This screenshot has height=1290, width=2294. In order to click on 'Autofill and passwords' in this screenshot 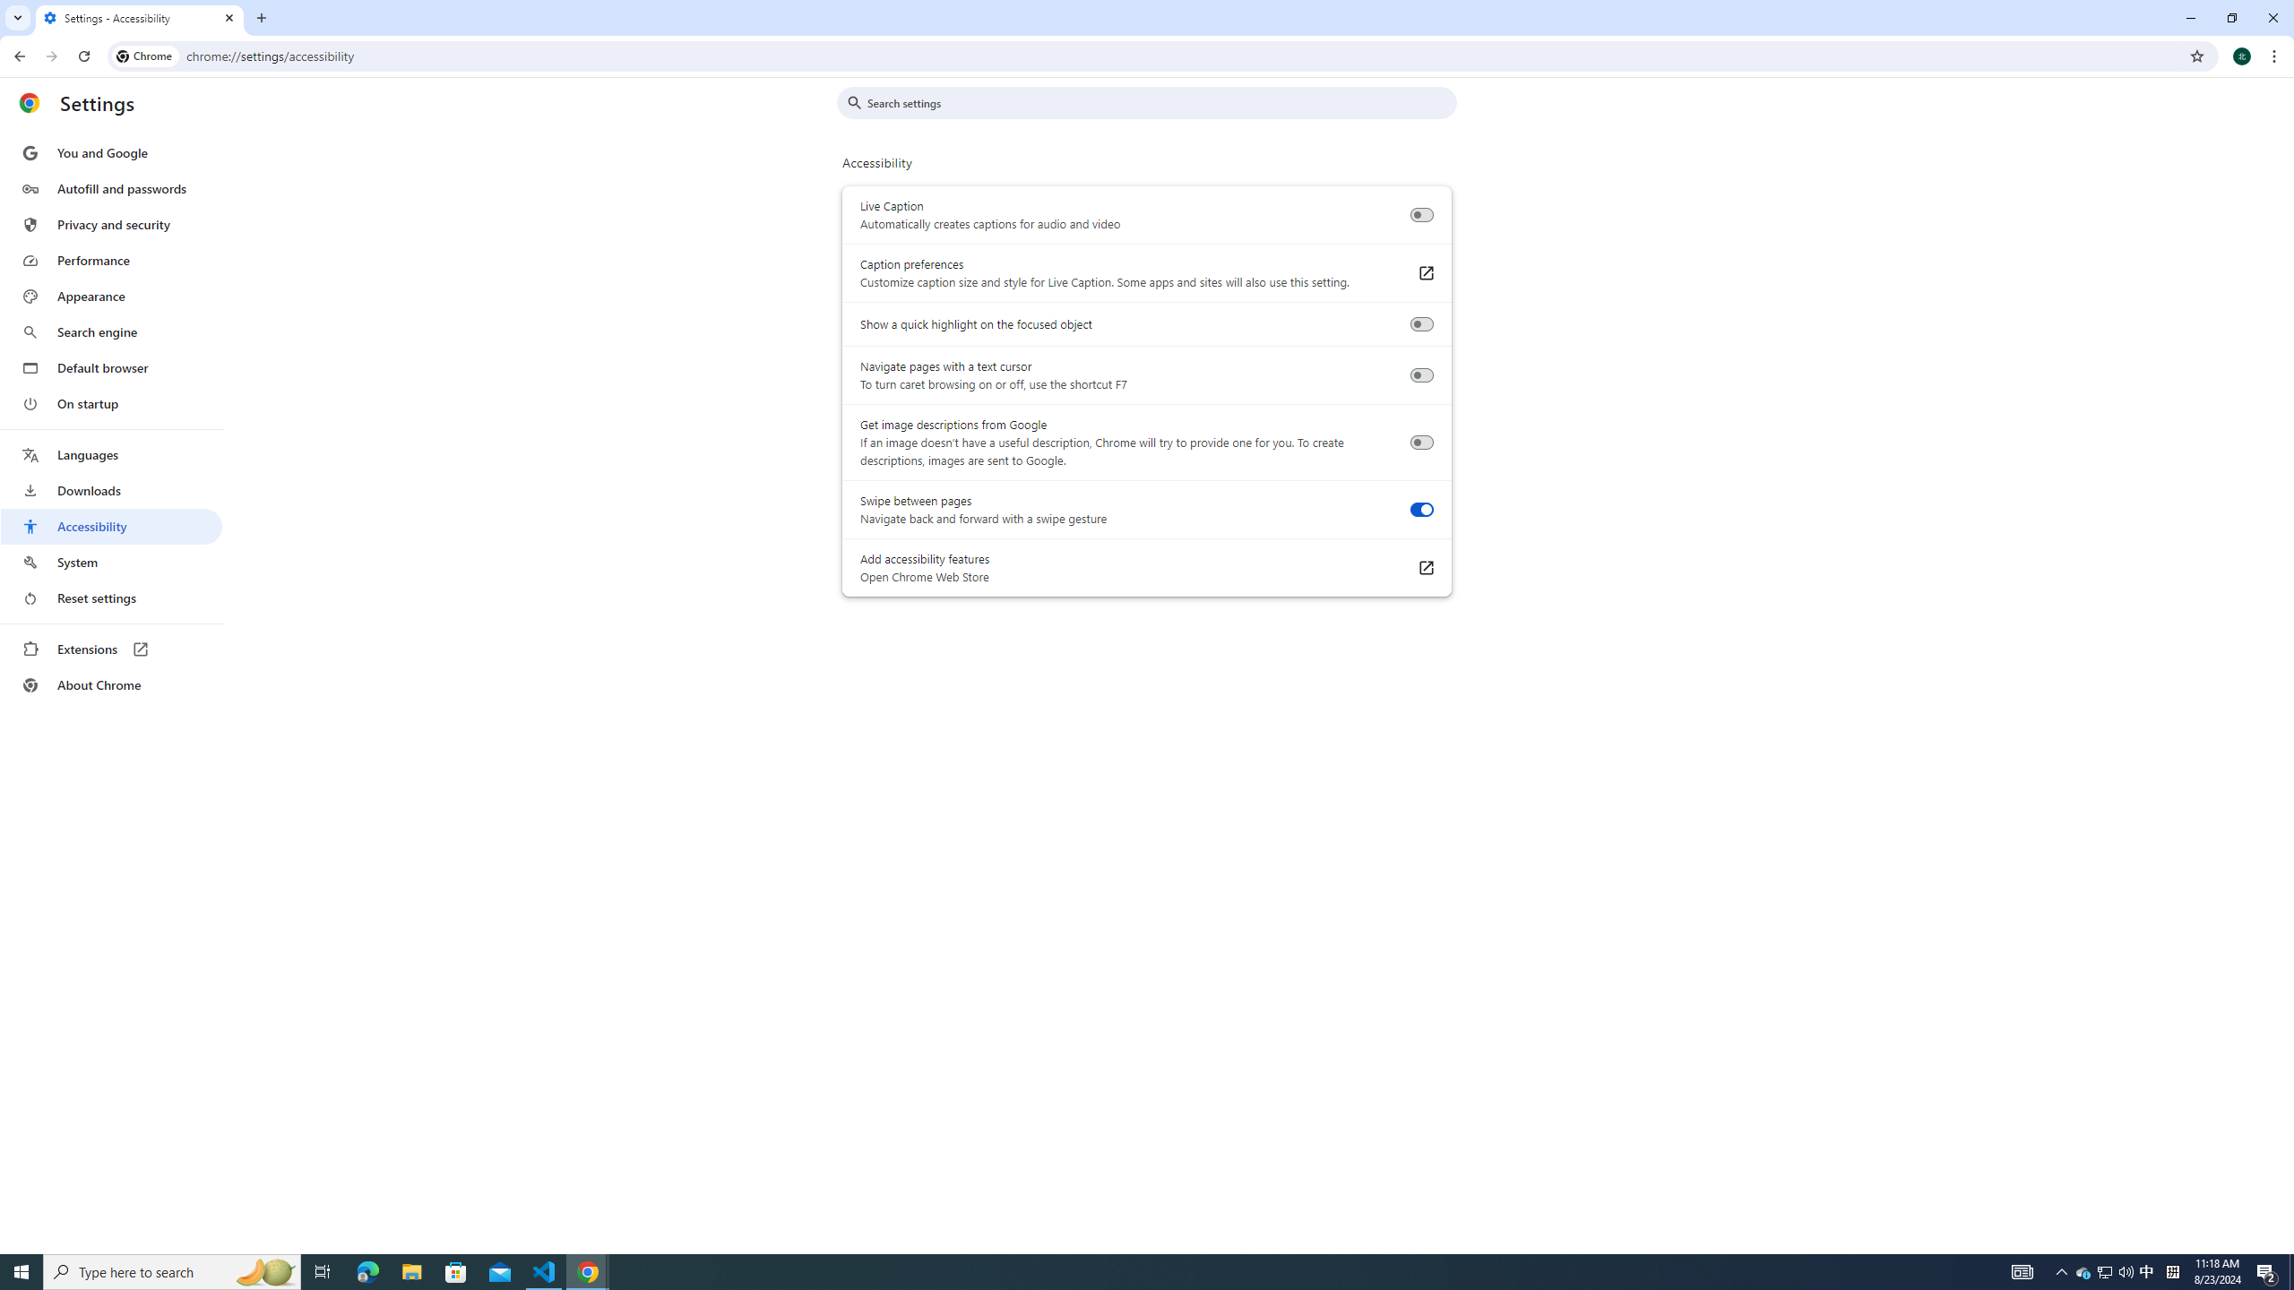, I will do `click(110, 188)`.